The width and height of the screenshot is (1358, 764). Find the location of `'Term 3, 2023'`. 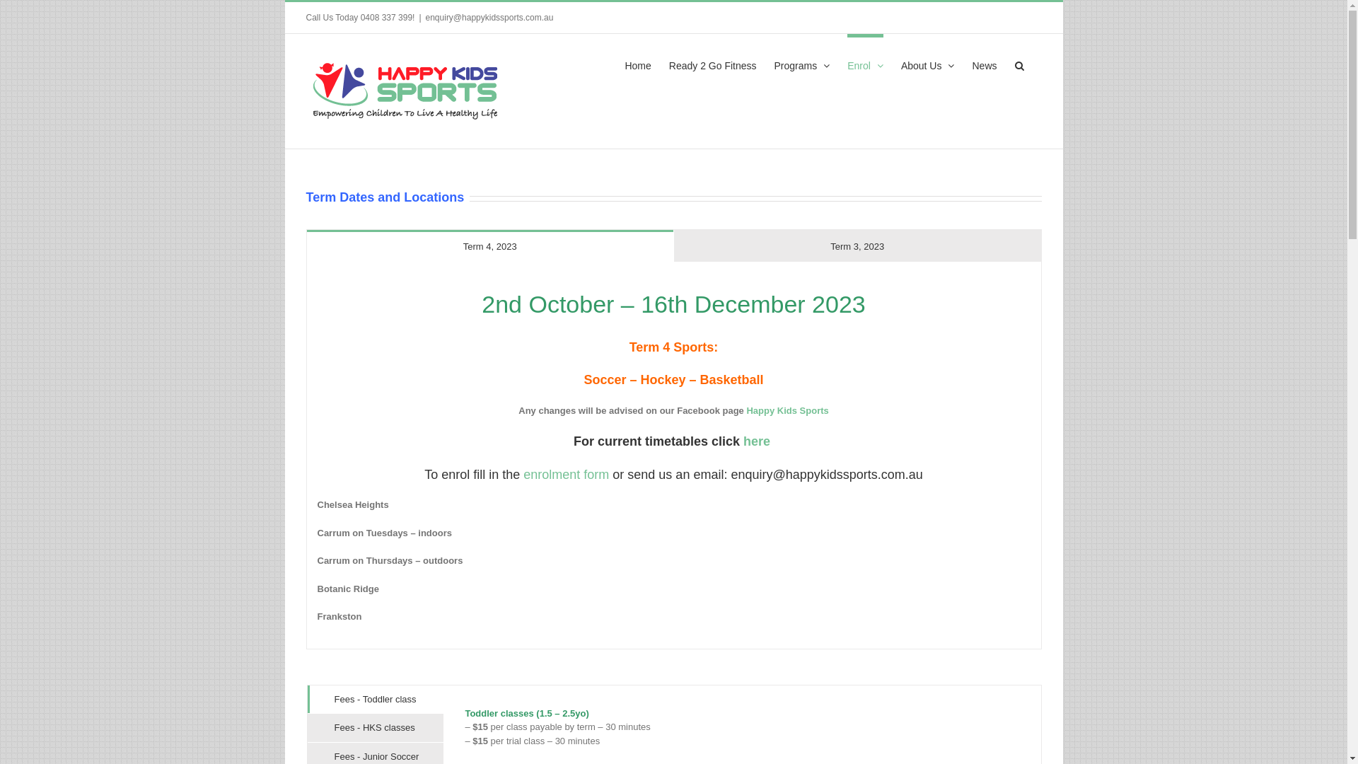

'Term 3, 2023' is located at coordinates (857, 245).